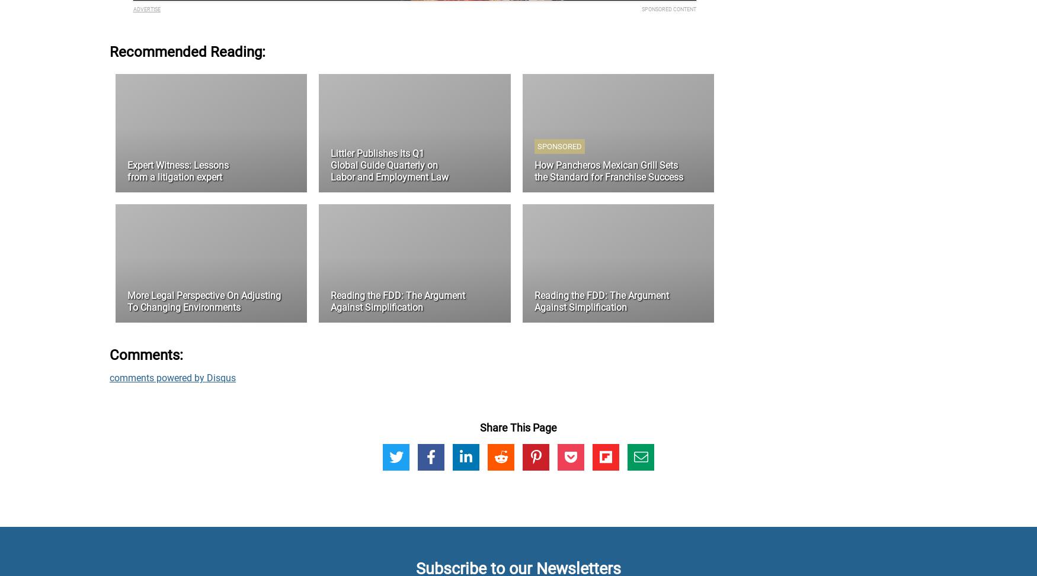 The image size is (1037, 576). What do you see at coordinates (518, 428) in the screenshot?
I see `'Share This Page'` at bounding box center [518, 428].